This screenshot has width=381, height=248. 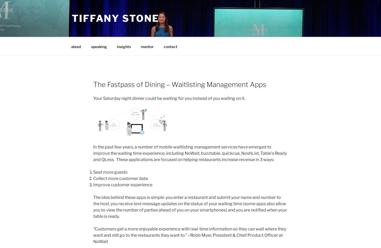 What do you see at coordinates (190, 153) in the screenshot?
I see `'In the past few years, a number of mobile waitlisting management services have emerged to improve the waiting time experience, including NoWait, buzztable, quickcue, NoshList, Table’s Ready and QLess.  These applications are focused on helping restaurants increase revenue in 3 ways:'` at bounding box center [190, 153].